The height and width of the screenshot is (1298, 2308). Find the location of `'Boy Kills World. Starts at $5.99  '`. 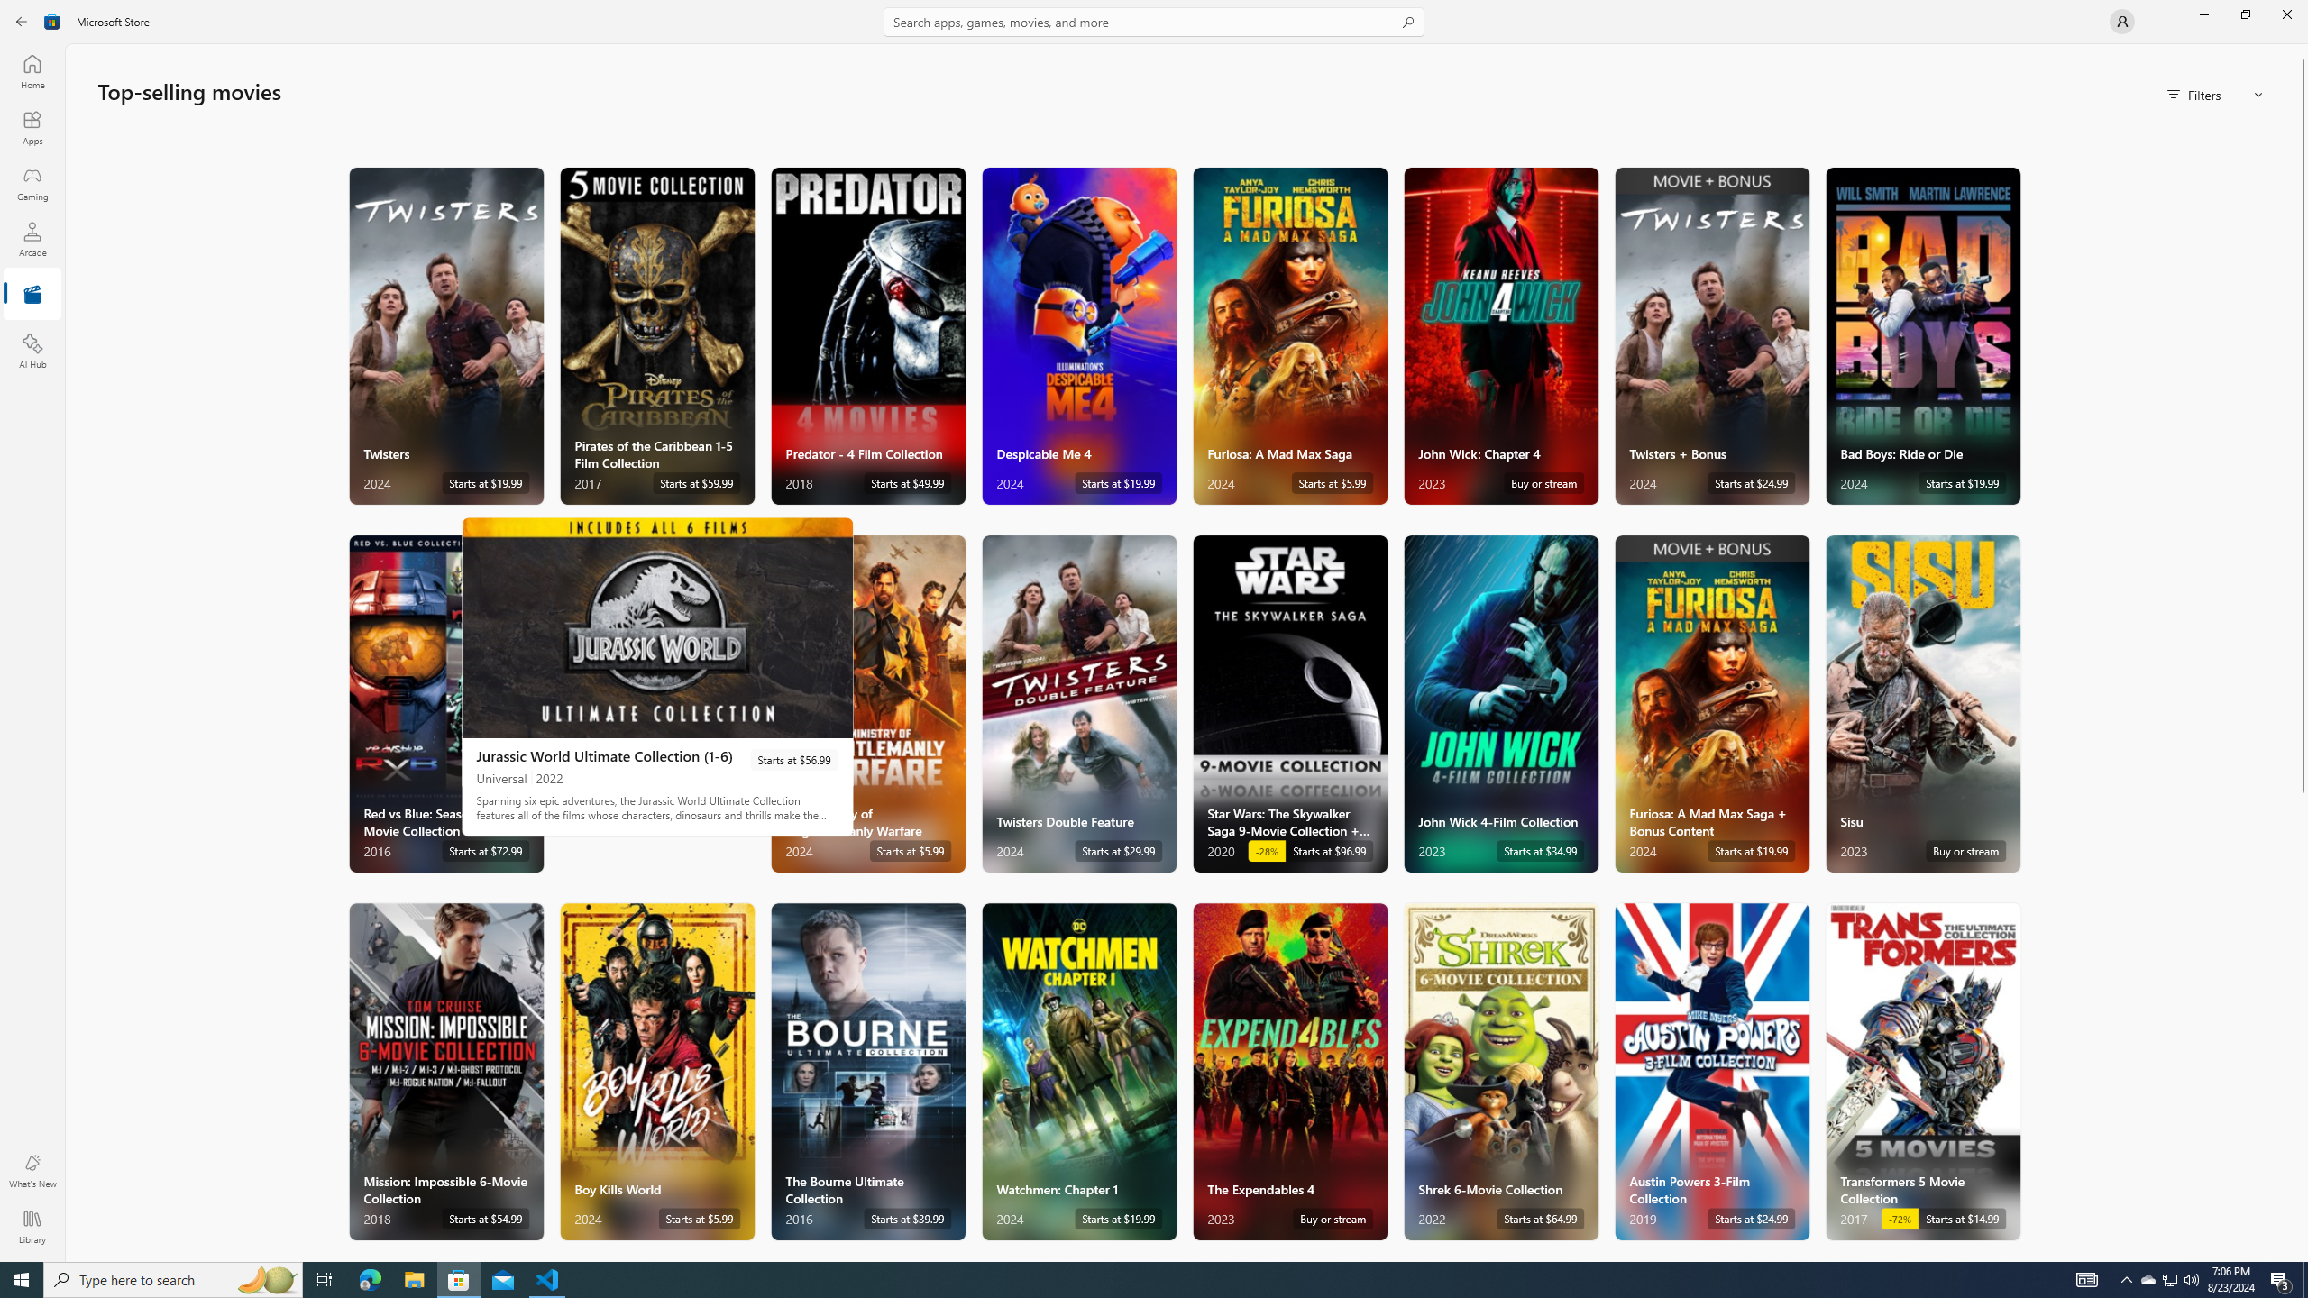

'Boy Kills World. Starts at $5.99  ' is located at coordinates (655, 1070).